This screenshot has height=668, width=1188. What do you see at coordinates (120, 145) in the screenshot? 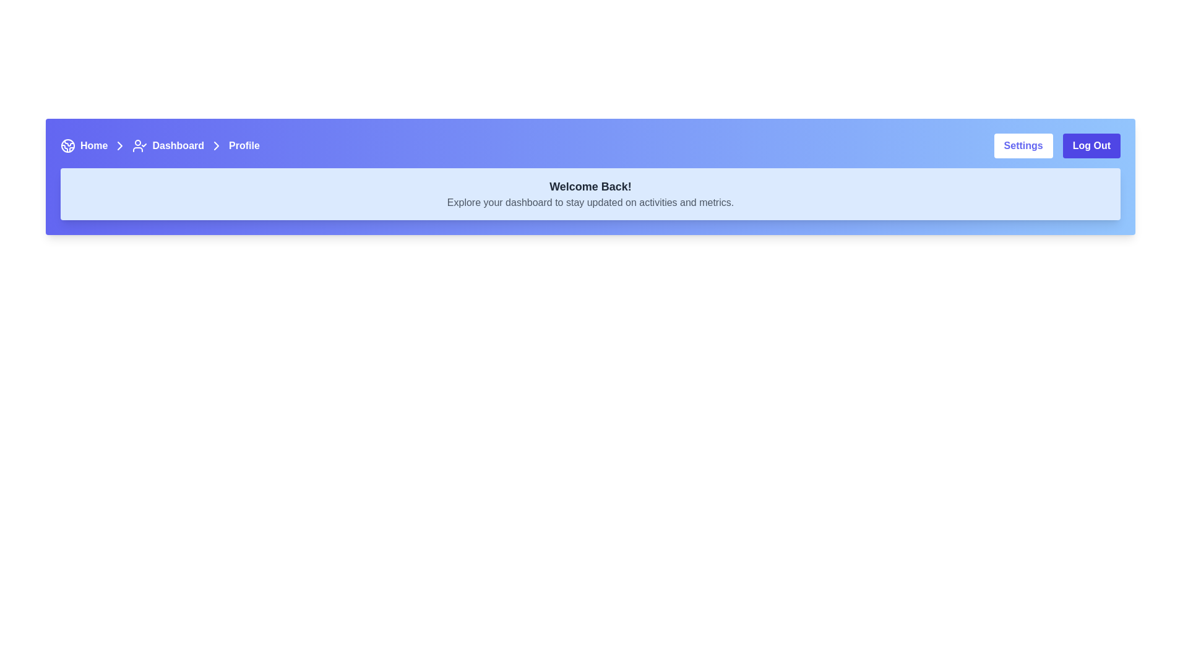
I see `the second Chevron Icon in the navigation bar, located to the right of the 'Dashboard' text and to the left of the 'Profile' text` at bounding box center [120, 145].